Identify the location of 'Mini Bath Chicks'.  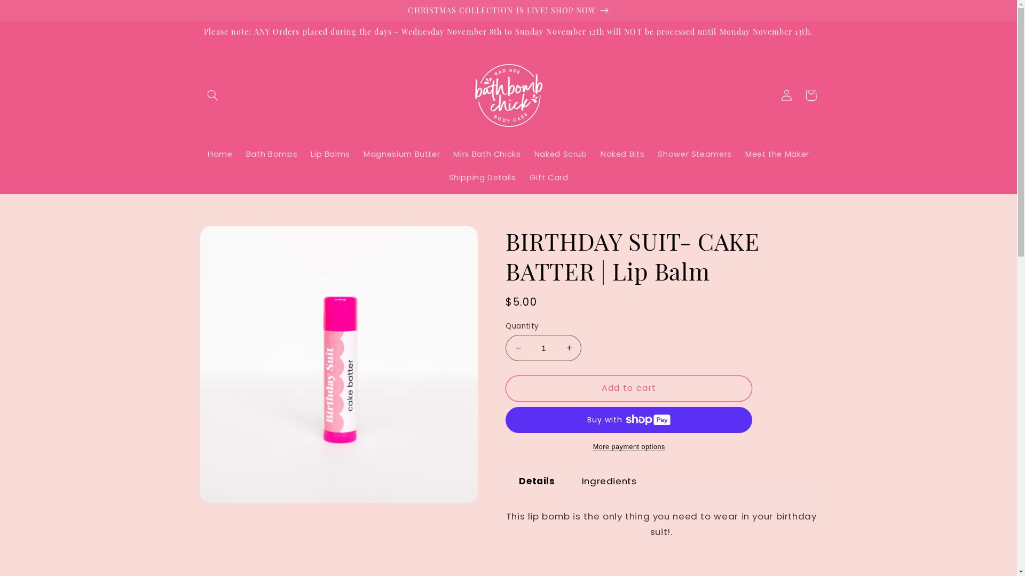
(486, 154).